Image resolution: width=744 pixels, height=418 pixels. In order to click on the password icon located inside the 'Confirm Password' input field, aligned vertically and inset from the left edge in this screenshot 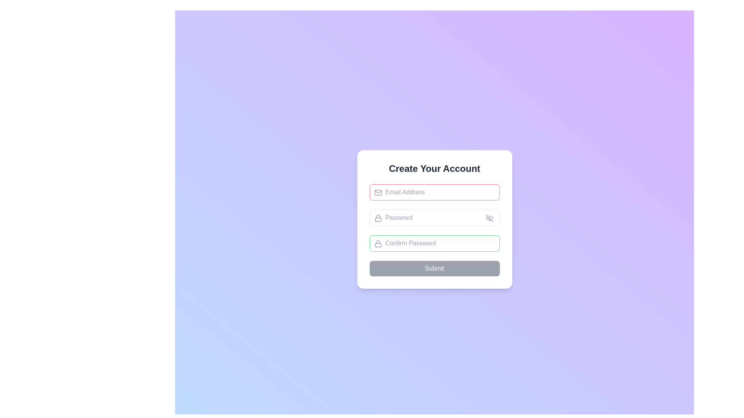, I will do `click(378, 243)`.